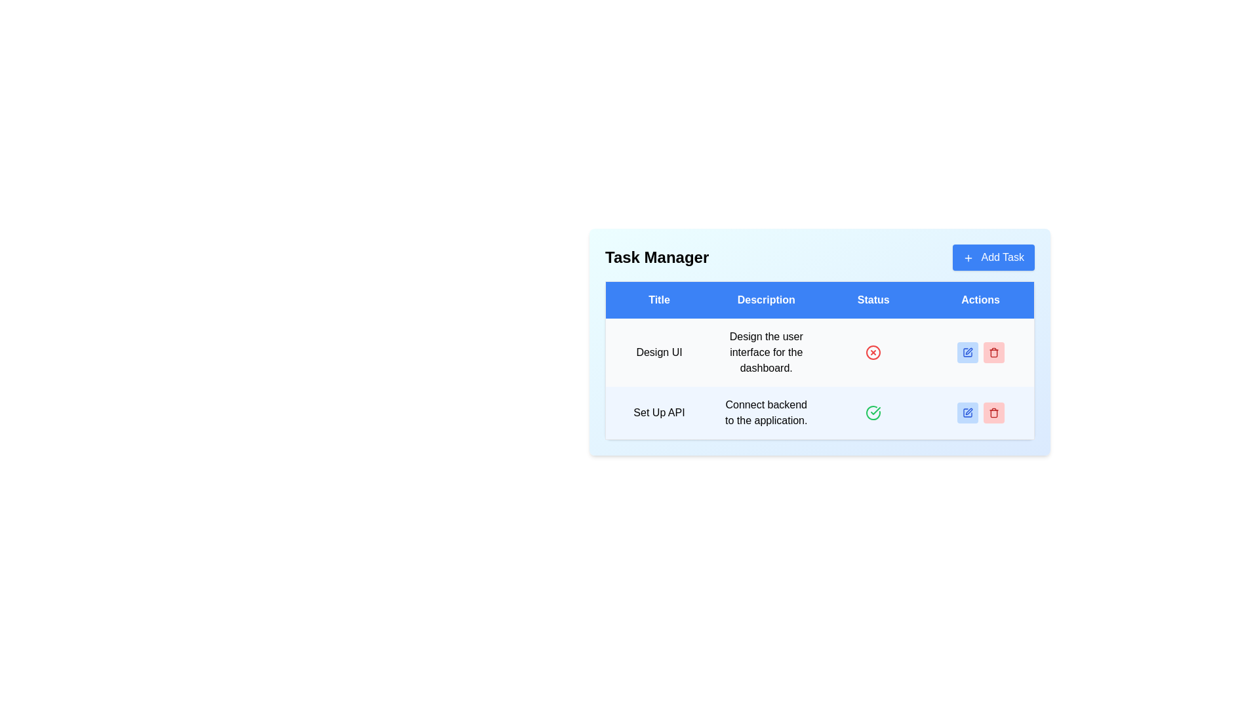 This screenshot has height=708, width=1259. Describe the element at coordinates (819, 413) in the screenshot. I see `the status indicator for the second task in the task management table, which is located below the header row and follows the task named 'Design UI'` at that location.